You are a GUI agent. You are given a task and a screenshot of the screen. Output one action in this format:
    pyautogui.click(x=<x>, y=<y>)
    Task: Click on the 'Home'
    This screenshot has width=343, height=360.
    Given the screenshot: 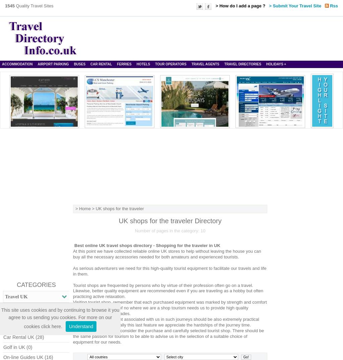 What is the action you would take?
    pyautogui.click(x=79, y=208)
    